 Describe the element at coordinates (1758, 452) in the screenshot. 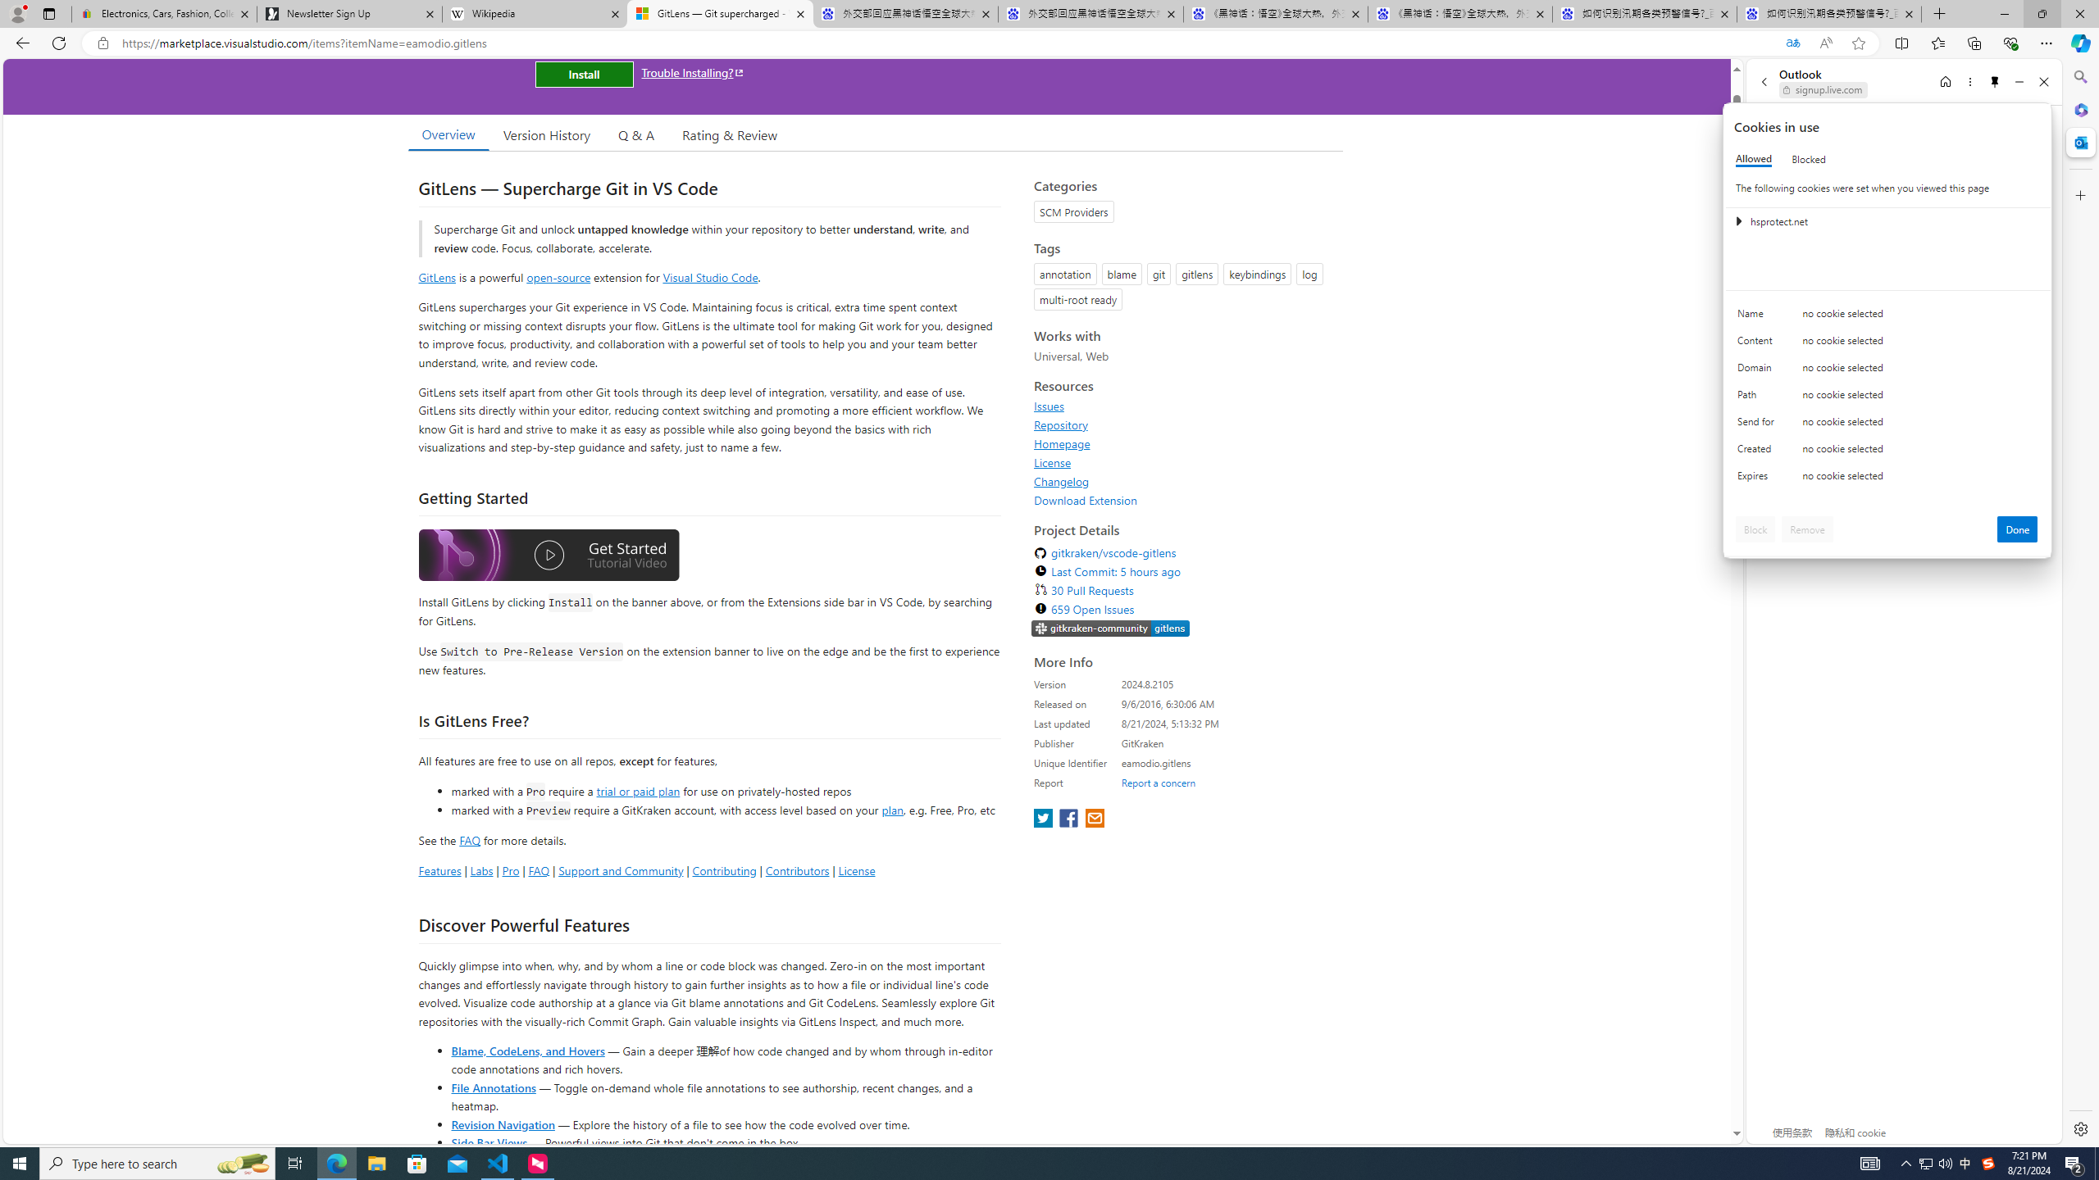

I see `'Created'` at that location.